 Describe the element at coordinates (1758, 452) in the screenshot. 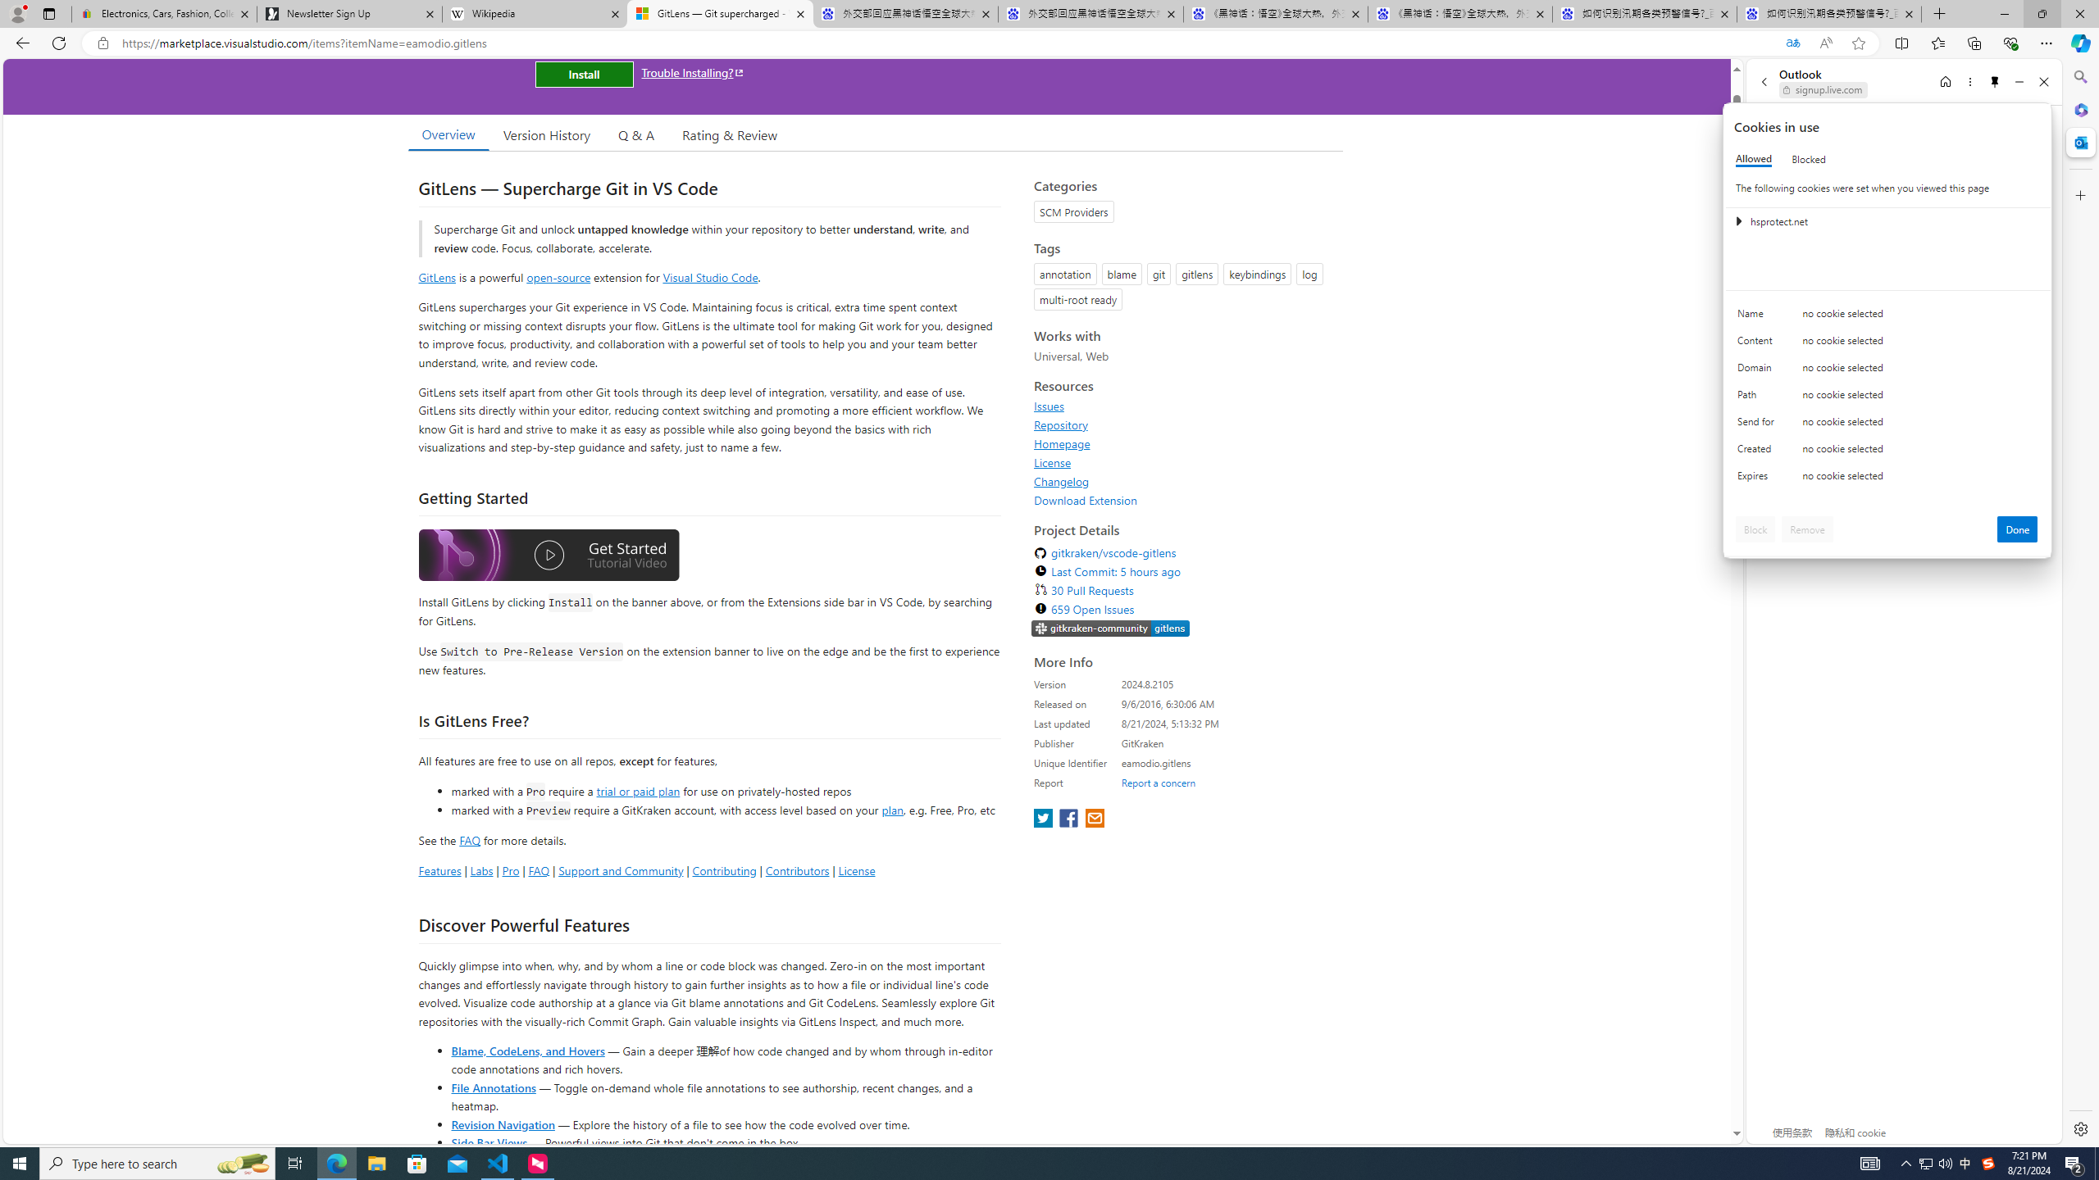

I see `'Created'` at that location.